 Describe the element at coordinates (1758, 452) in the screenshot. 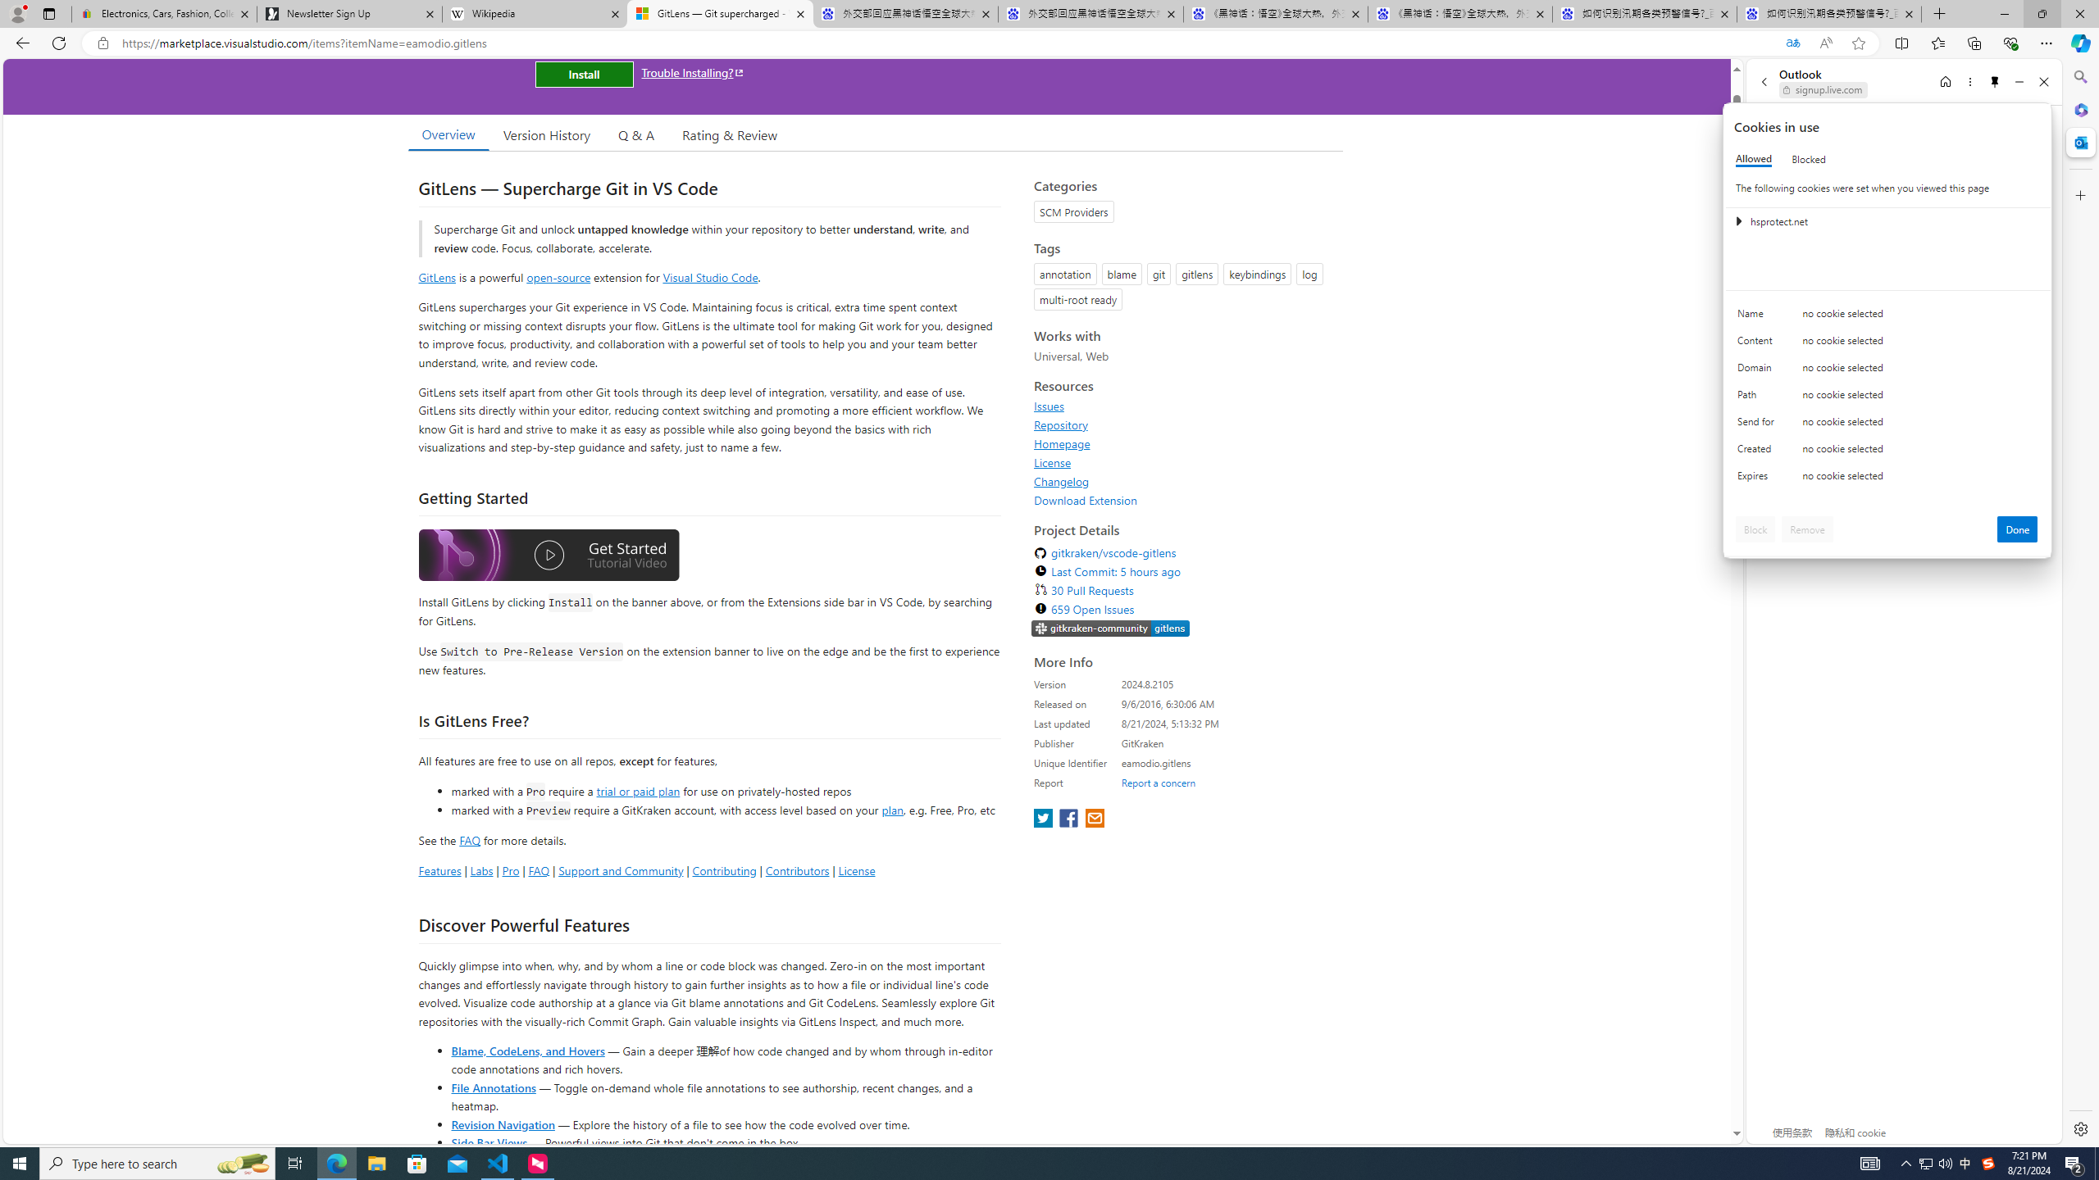

I see `'Created'` at that location.